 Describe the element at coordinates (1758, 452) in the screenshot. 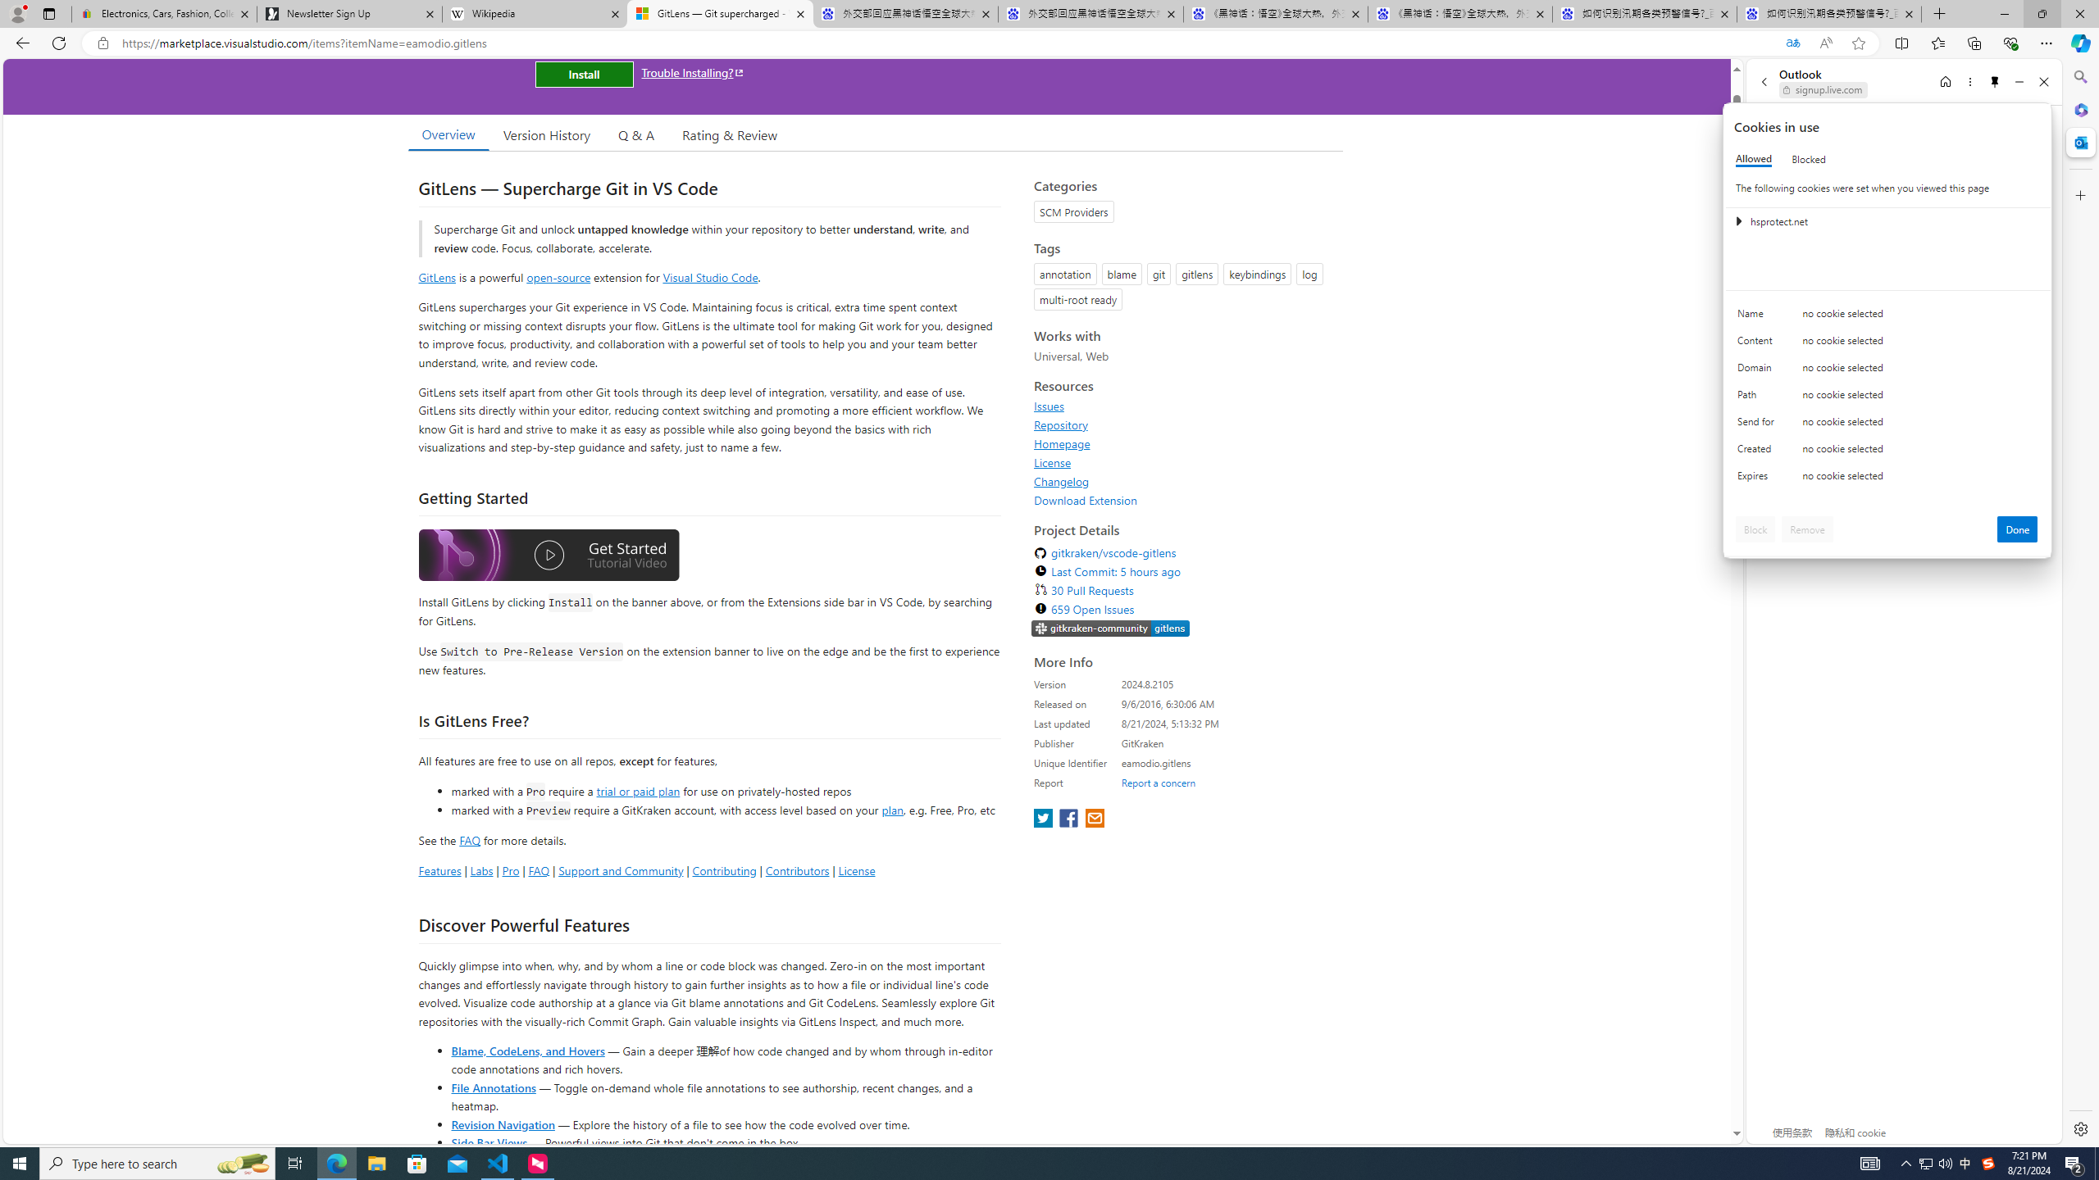

I see `'Created'` at that location.